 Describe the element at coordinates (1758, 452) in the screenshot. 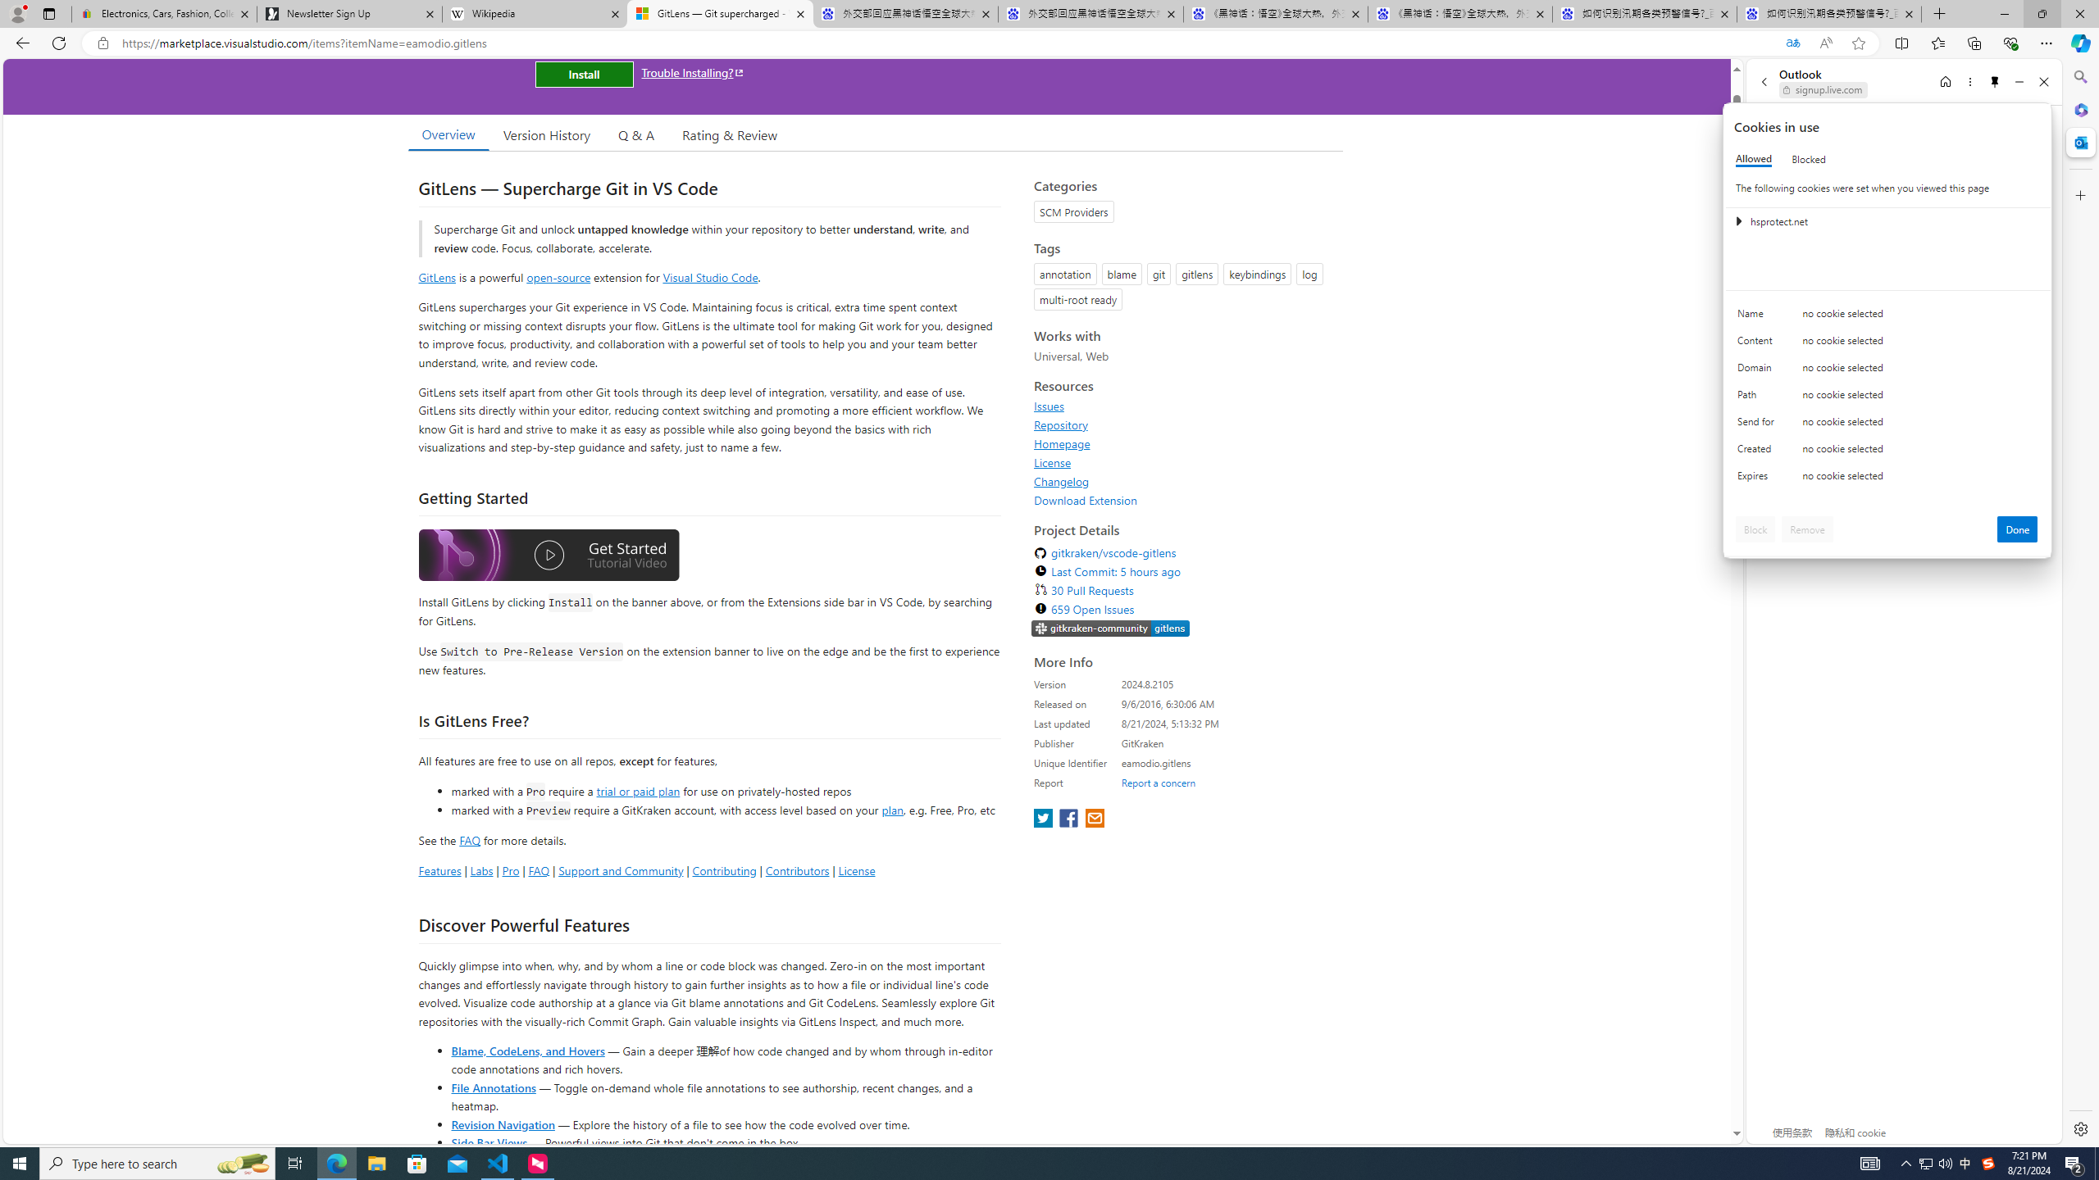

I see `'Created'` at that location.